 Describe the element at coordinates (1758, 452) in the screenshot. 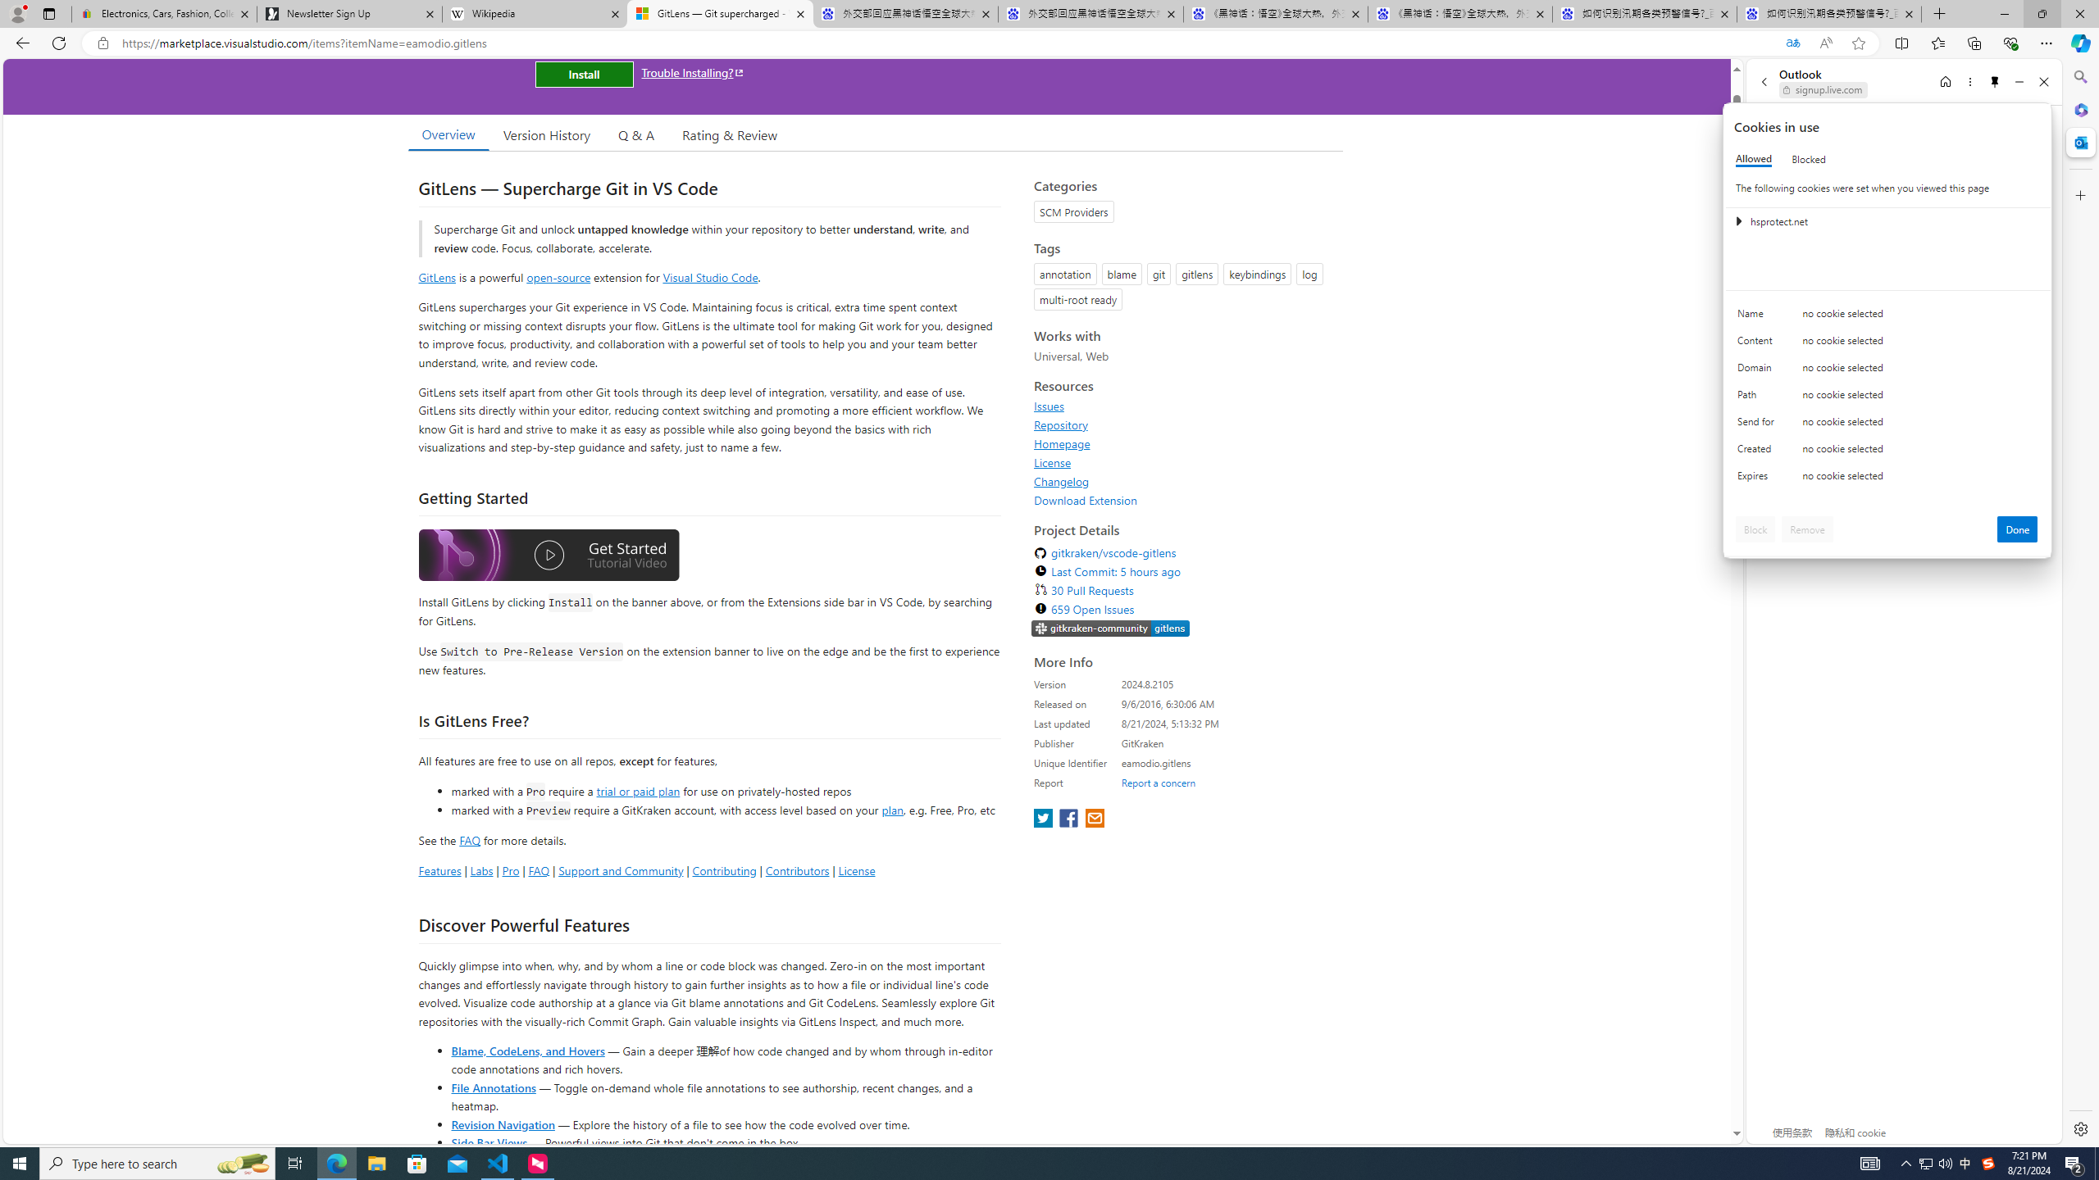

I see `'Created'` at that location.